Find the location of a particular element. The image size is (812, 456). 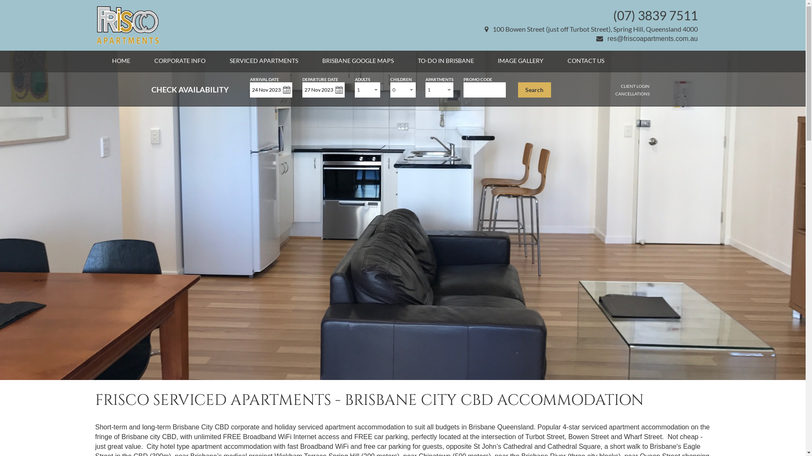

'CANCELLATIONS' is located at coordinates (632, 94).